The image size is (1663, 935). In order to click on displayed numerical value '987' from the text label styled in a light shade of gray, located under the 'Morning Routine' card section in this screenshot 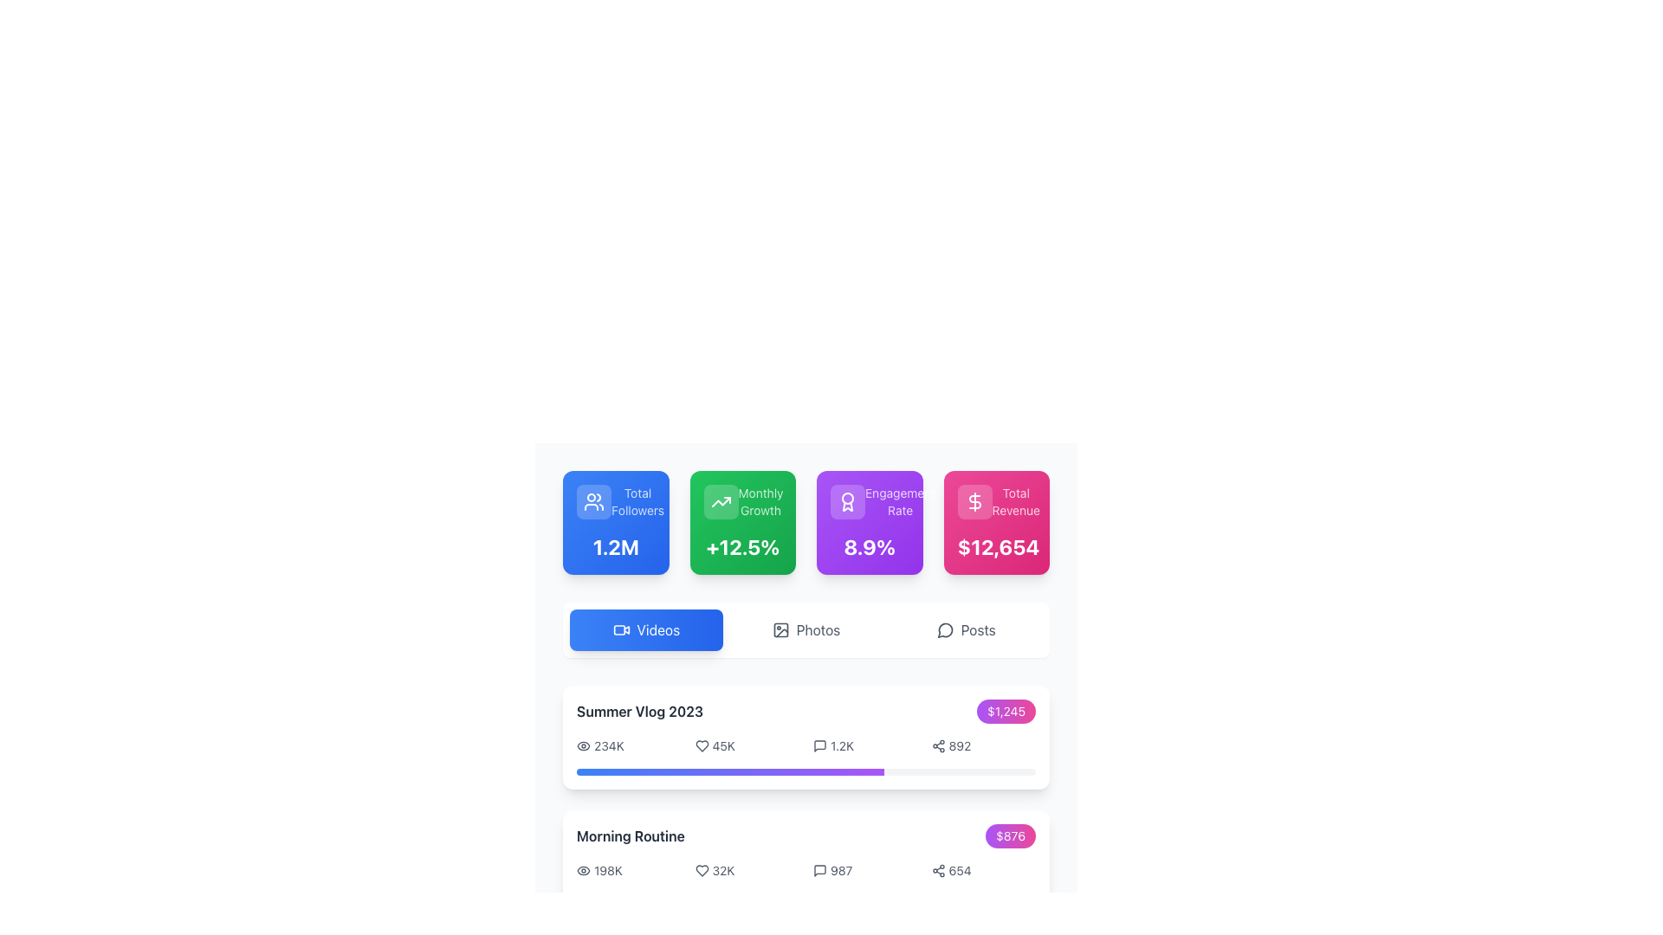, I will do `click(841, 871)`.